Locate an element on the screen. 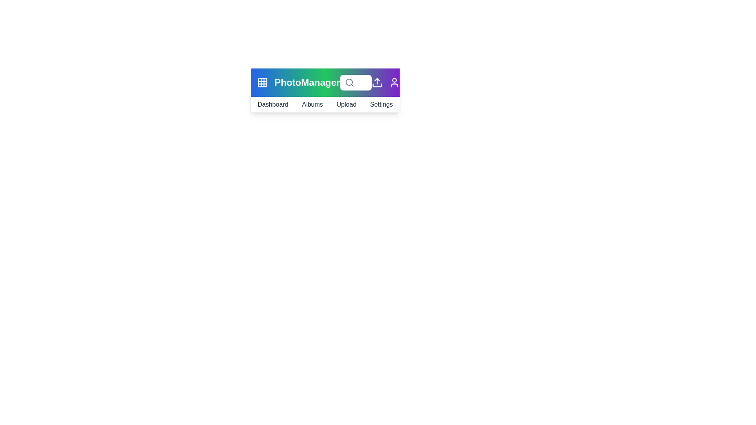  the 'Settings' navigation link is located at coordinates (381, 104).